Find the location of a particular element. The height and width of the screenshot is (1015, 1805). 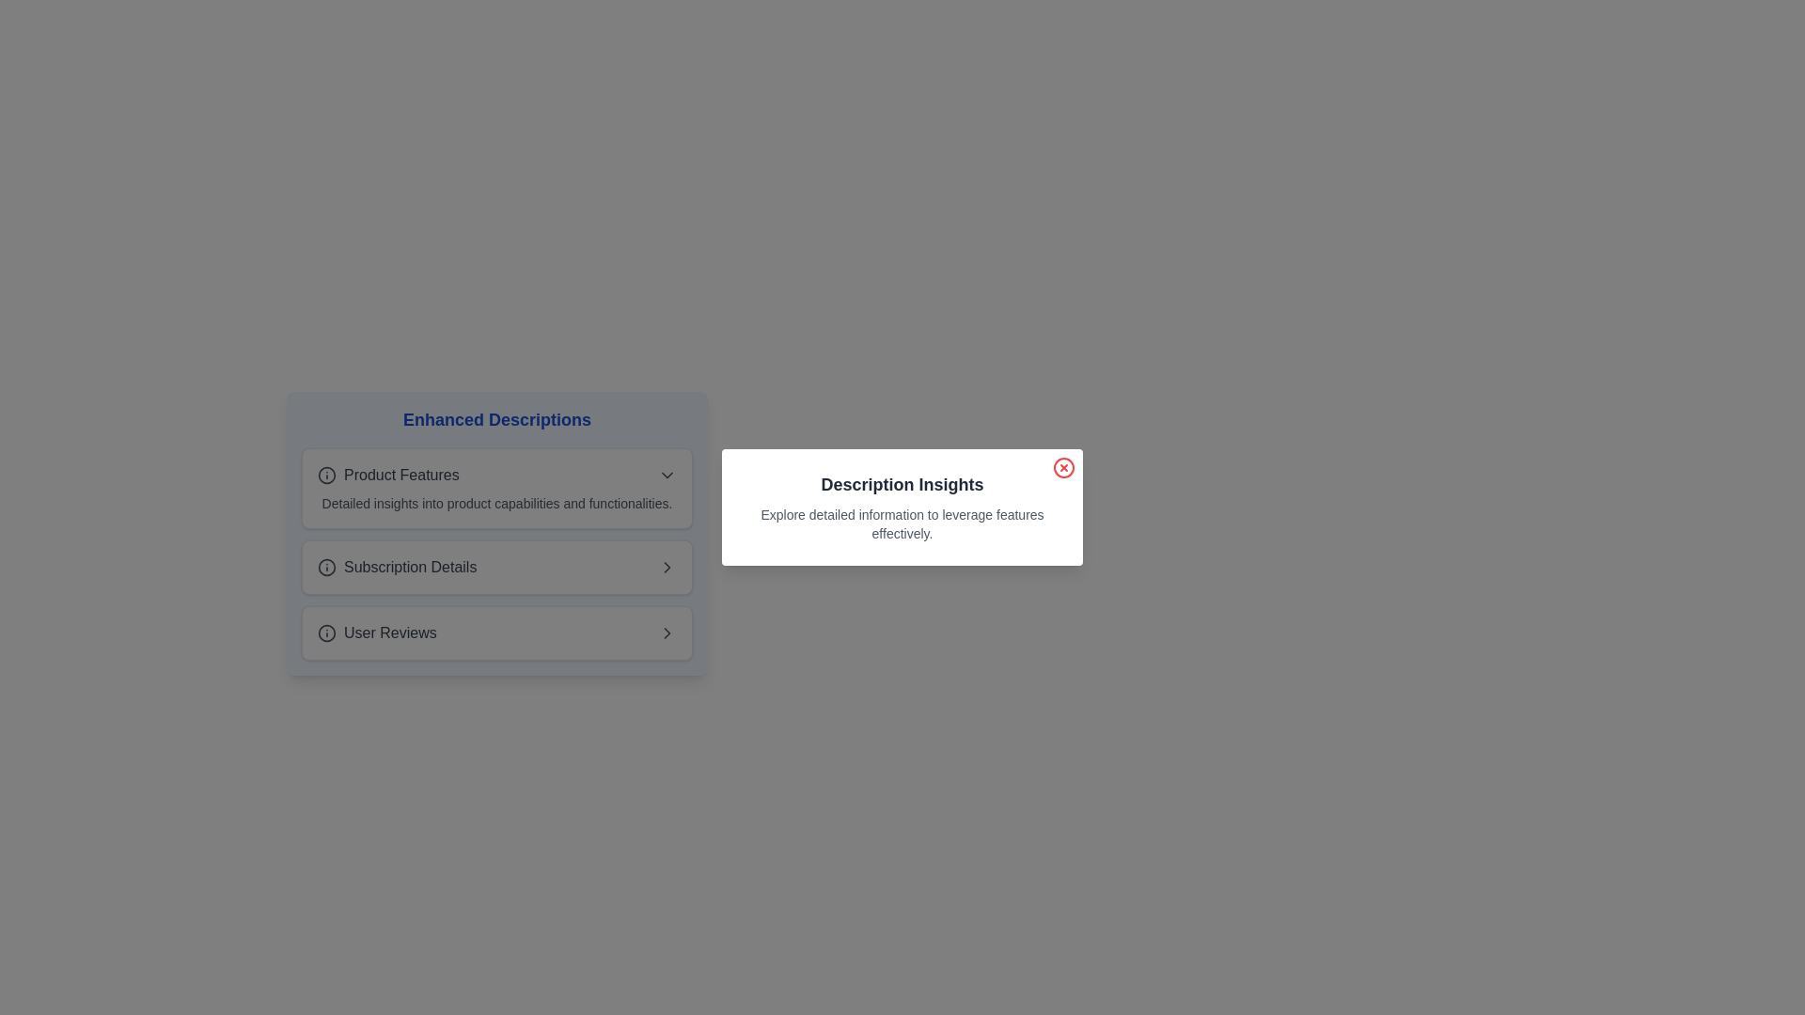

the direction of the rightward pointing chevron arrow icon located to the right of the 'Subscription Details' option in the Enhanced Descriptions section is located at coordinates (667, 633).